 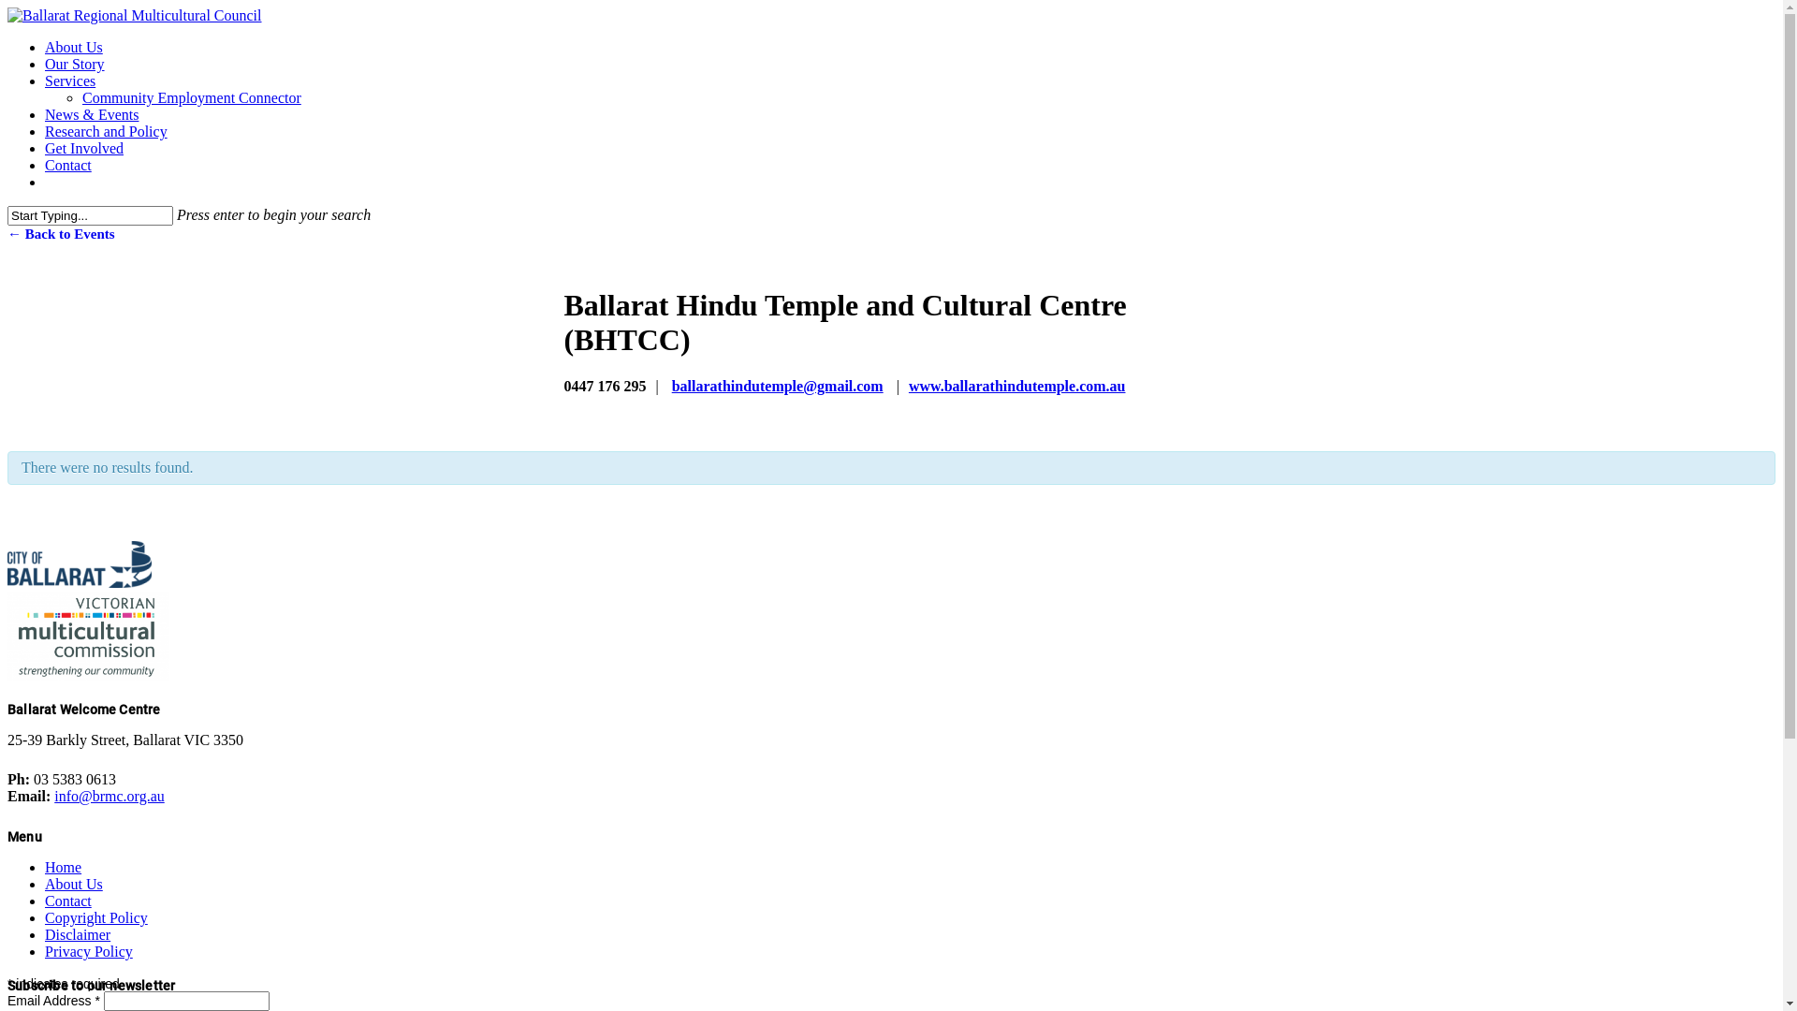 What do you see at coordinates (95, 916) in the screenshot?
I see `'Copyright Policy'` at bounding box center [95, 916].